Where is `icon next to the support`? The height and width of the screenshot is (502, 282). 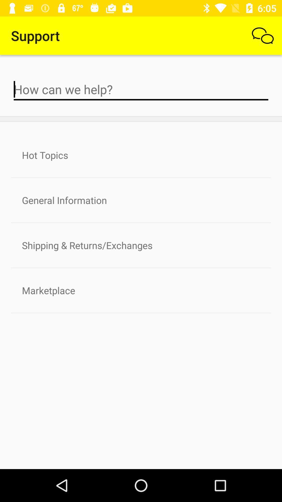 icon next to the support is located at coordinates (263, 35).